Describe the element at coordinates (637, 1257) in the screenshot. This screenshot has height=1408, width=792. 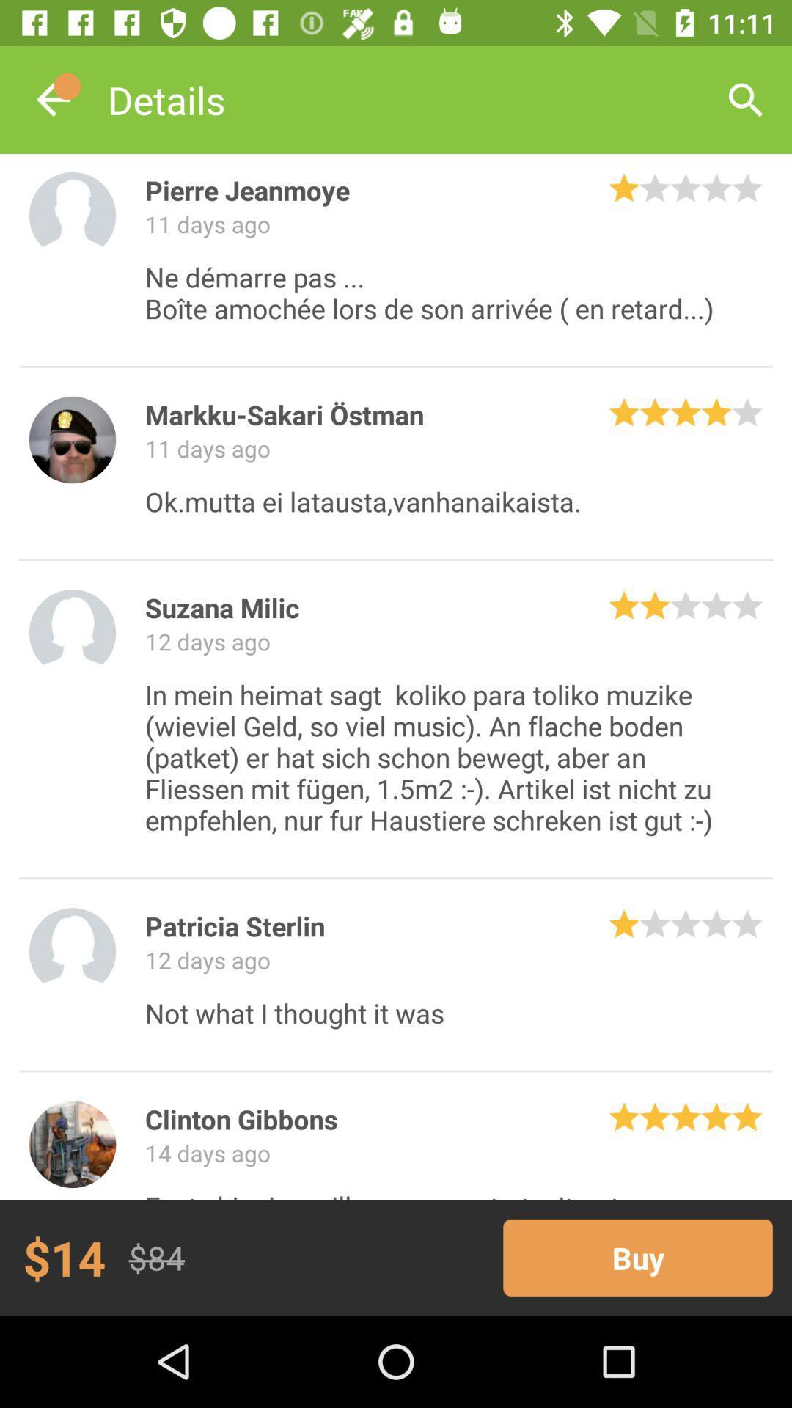
I see `the icon next to $84 item` at that location.